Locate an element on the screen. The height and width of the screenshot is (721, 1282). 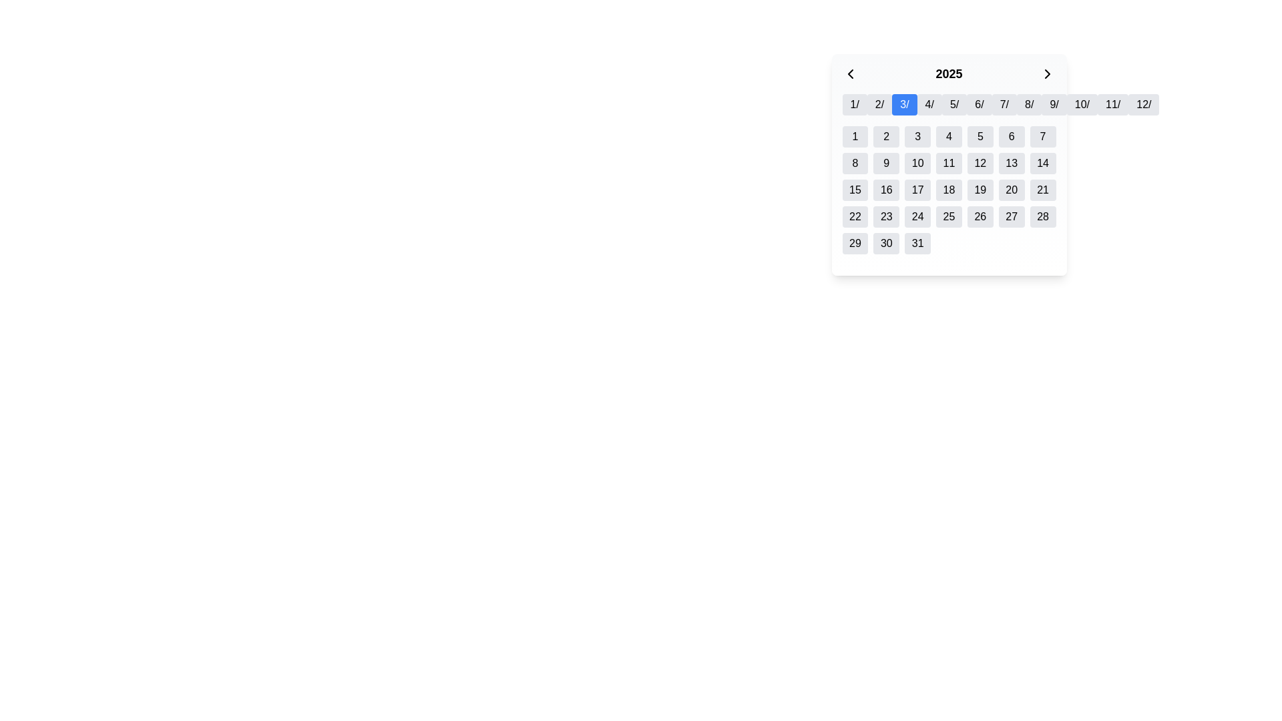
the square button with a light gray background and the number '1' in black text is located at coordinates (855, 136).